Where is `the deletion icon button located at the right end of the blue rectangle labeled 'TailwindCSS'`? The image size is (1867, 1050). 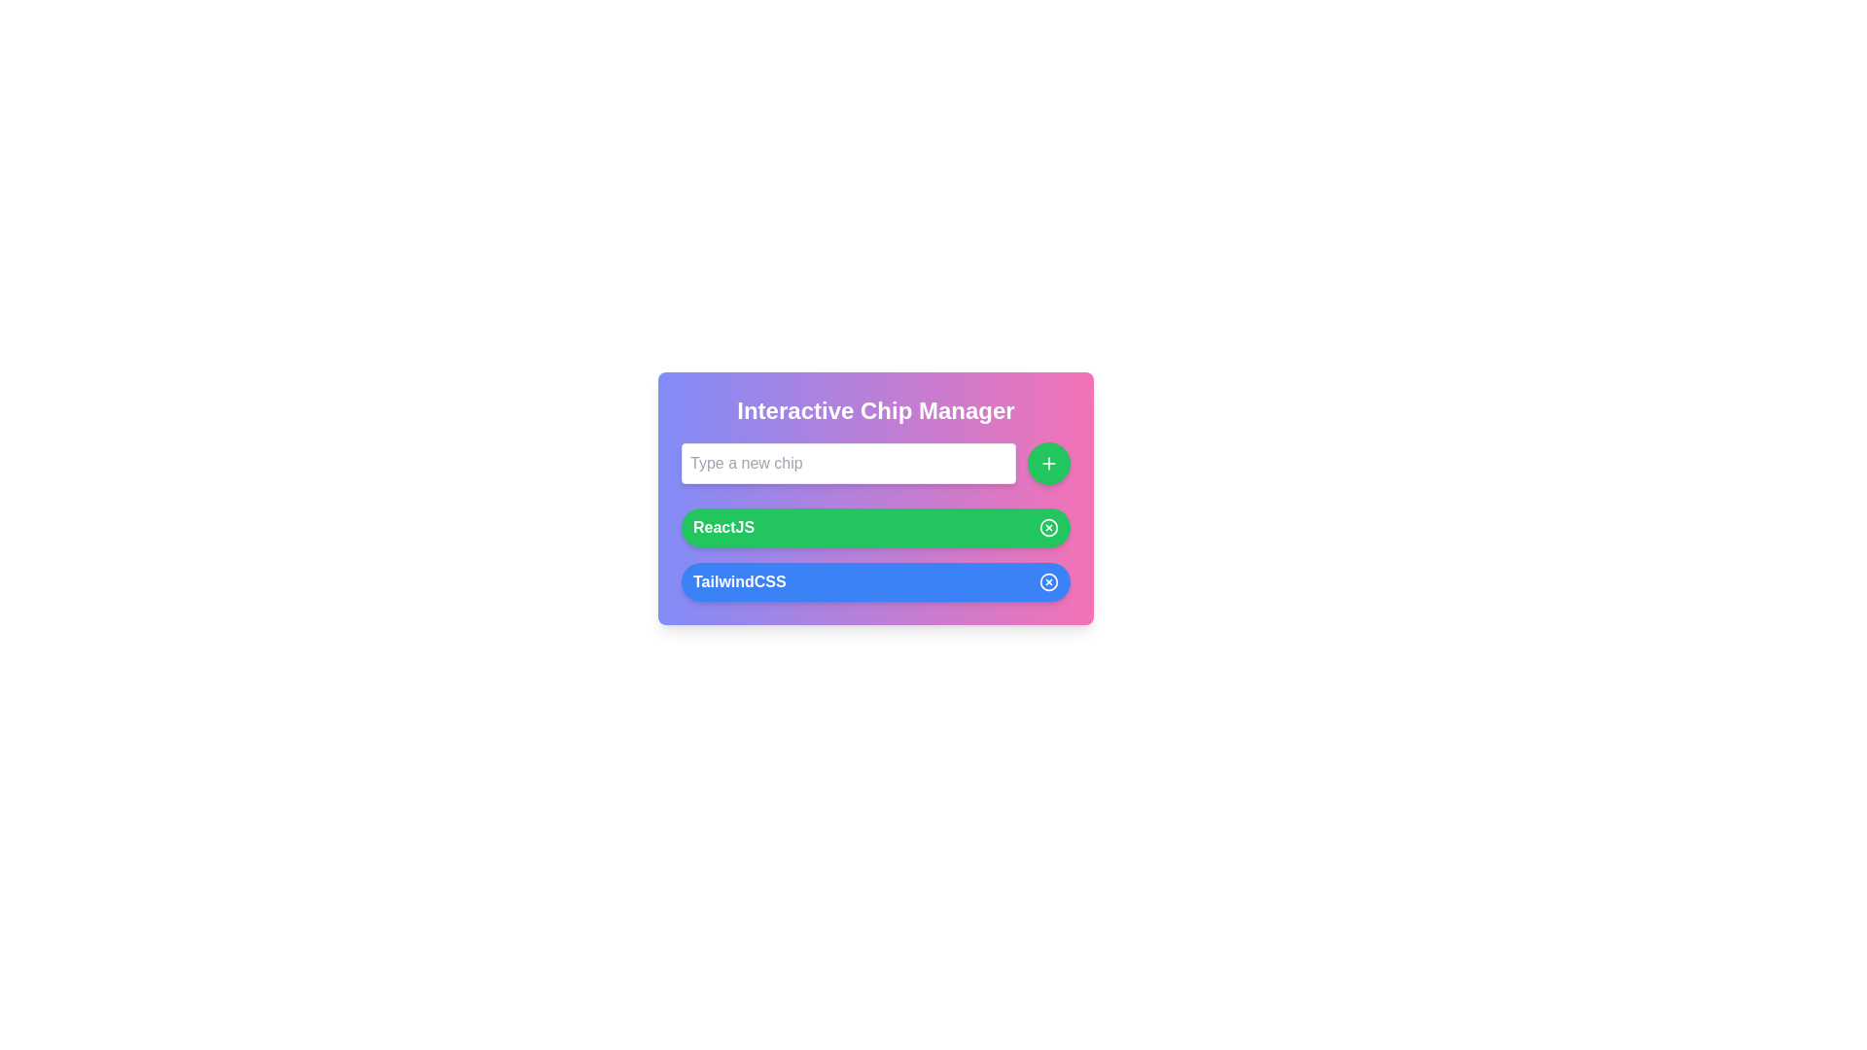 the deletion icon button located at the right end of the blue rectangle labeled 'TailwindCSS' is located at coordinates (1048, 580).